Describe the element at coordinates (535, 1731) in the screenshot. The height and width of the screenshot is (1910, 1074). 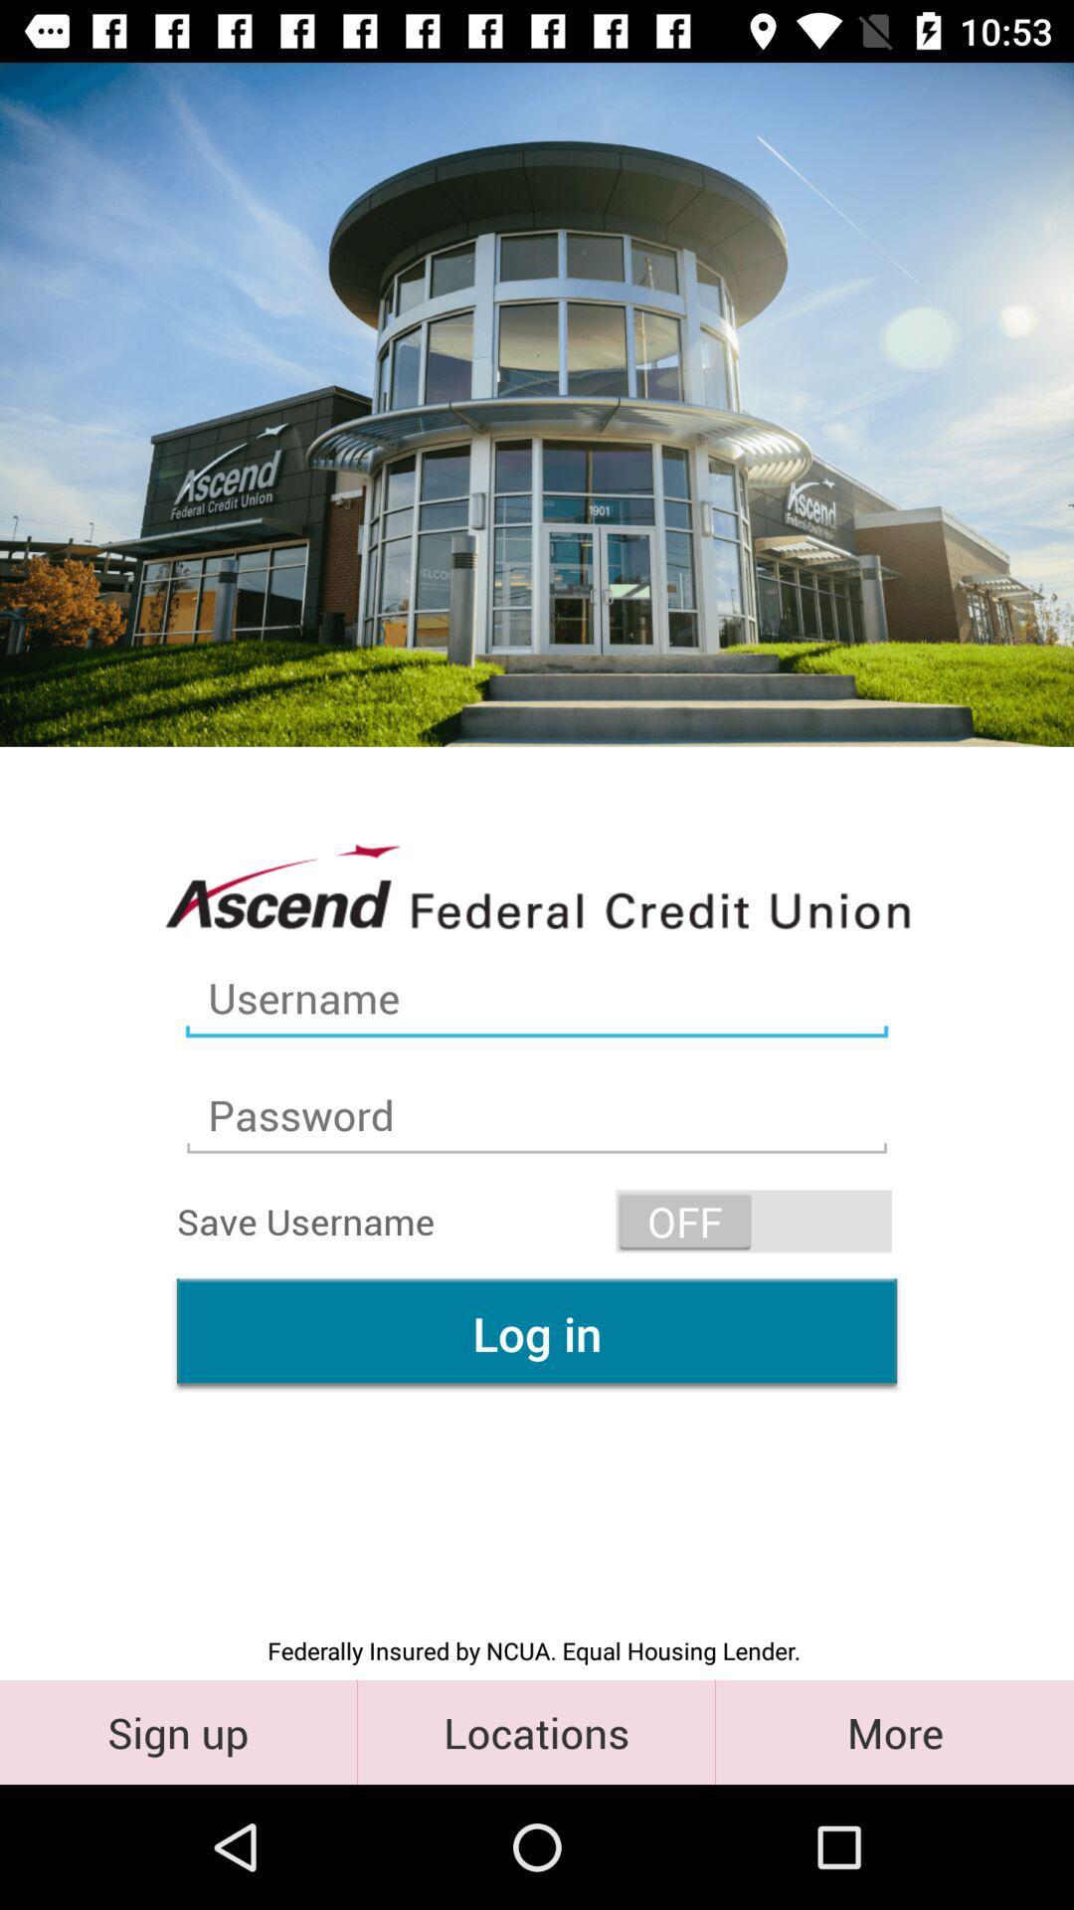
I see `item next to the sign up icon` at that location.